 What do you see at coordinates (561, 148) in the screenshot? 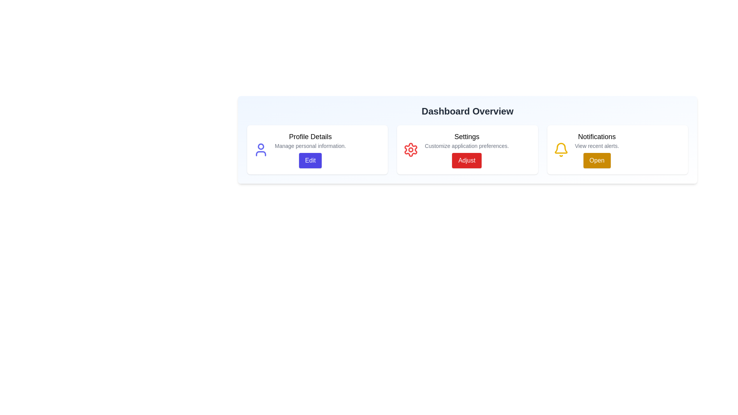
I see `the gold bell icon located in the 'Notifications' section of the dashboard, positioned centrally above the 'Notifications' text label` at bounding box center [561, 148].